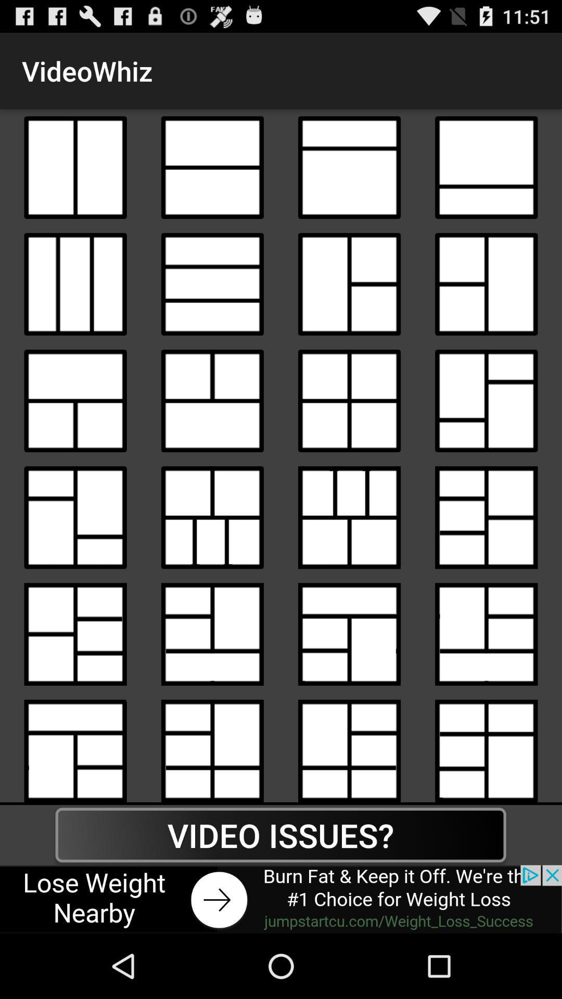 This screenshot has height=999, width=562. What do you see at coordinates (281, 899) in the screenshot?
I see `click the advertisement` at bounding box center [281, 899].